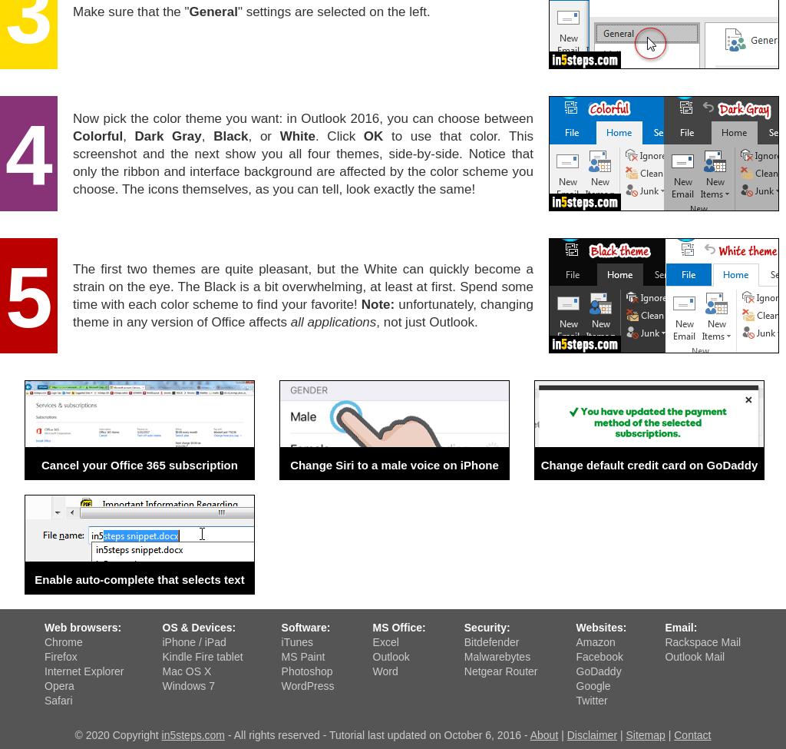 Image resolution: width=786 pixels, height=749 pixels. What do you see at coordinates (28, 155) in the screenshot?
I see `'4'` at bounding box center [28, 155].